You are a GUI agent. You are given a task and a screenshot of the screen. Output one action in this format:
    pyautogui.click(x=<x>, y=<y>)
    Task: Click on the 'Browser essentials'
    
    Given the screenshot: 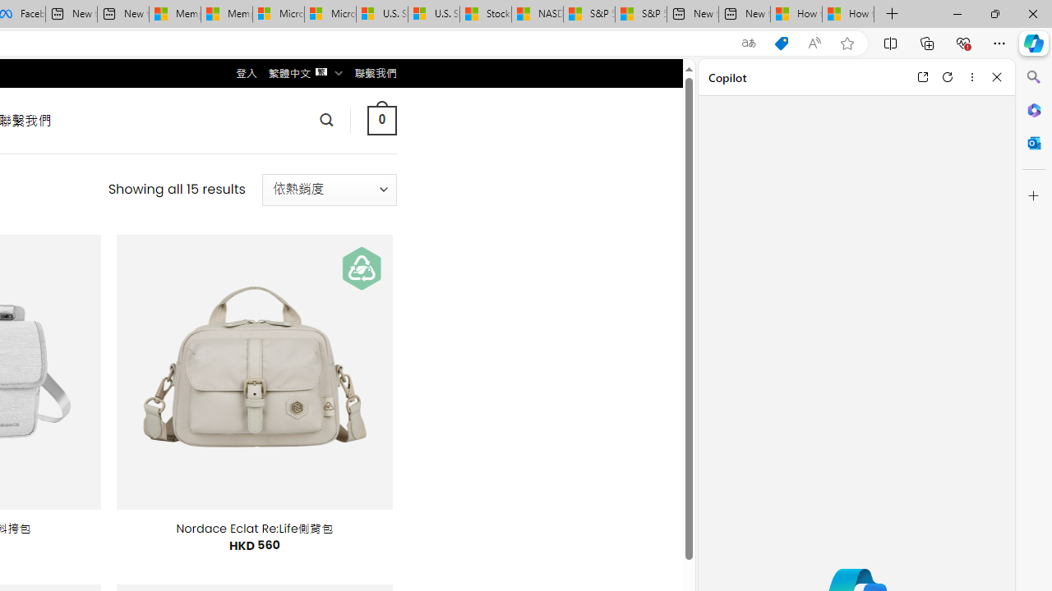 What is the action you would take?
    pyautogui.click(x=962, y=42)
    